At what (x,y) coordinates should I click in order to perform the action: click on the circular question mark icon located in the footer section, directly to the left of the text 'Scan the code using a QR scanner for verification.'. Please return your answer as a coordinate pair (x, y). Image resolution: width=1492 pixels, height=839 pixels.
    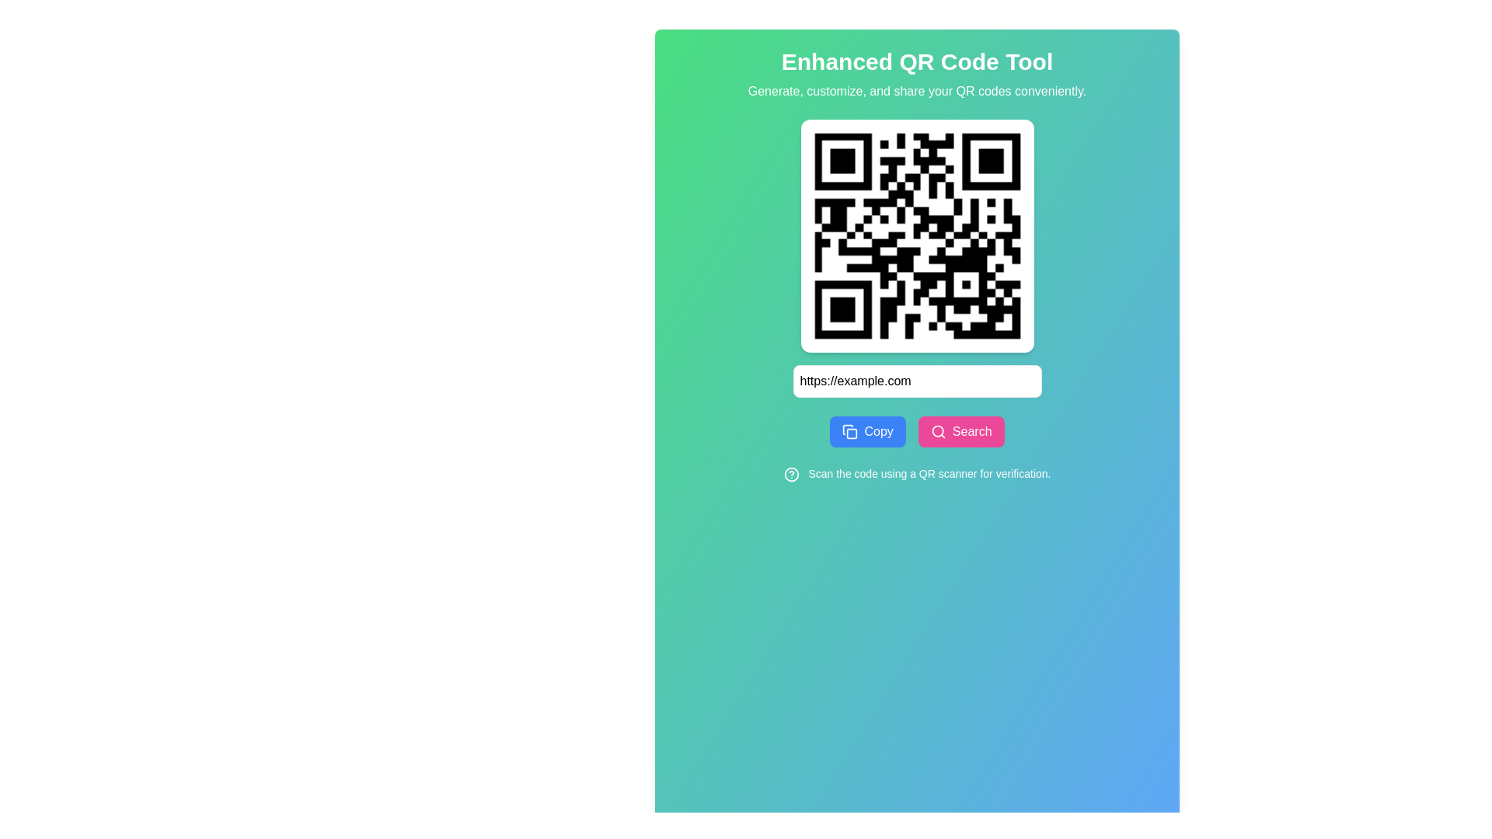
    Looking at the image, I should click on (791, 474).